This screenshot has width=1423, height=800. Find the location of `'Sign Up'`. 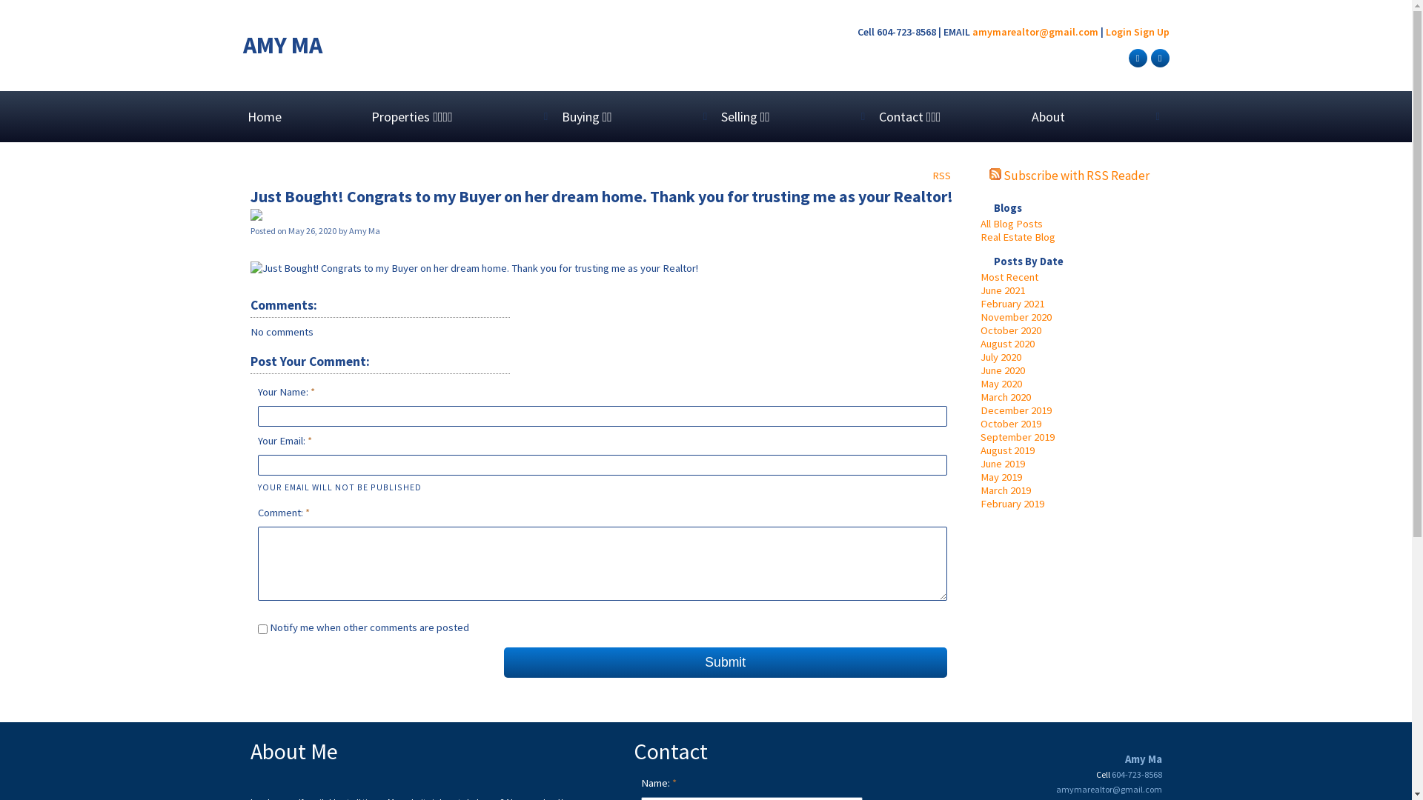

'Sign Up' is located at coordinates (1151, 31).